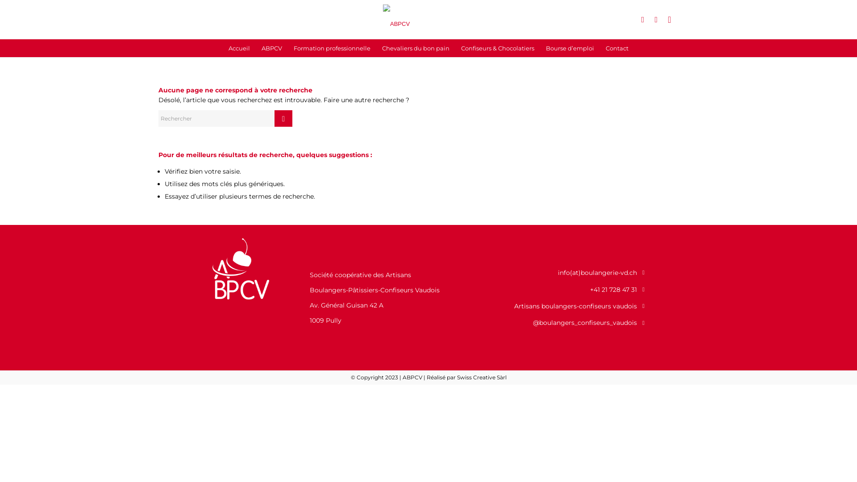  What do you see at coordinates (255, 48) in the screenshot?
I see `'ABPCV'` at bounding box center [255, 48].